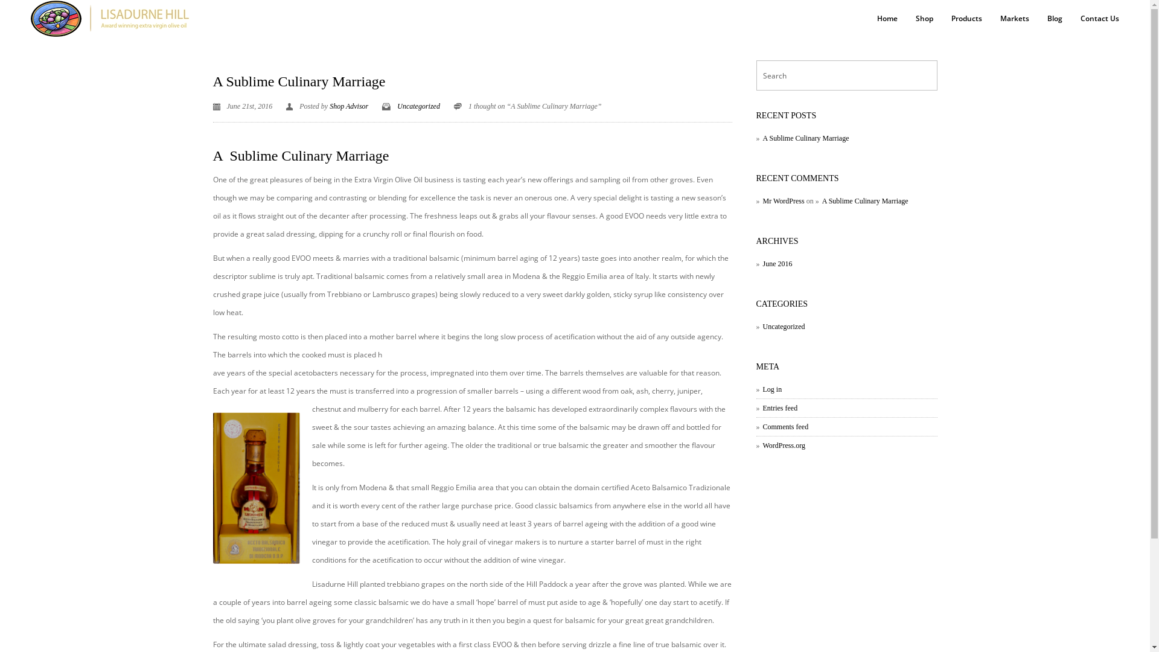  What do you see at coordinates (991, 18) in the screenshot?
I see `'Markets'` at bounding box center [991, 18].